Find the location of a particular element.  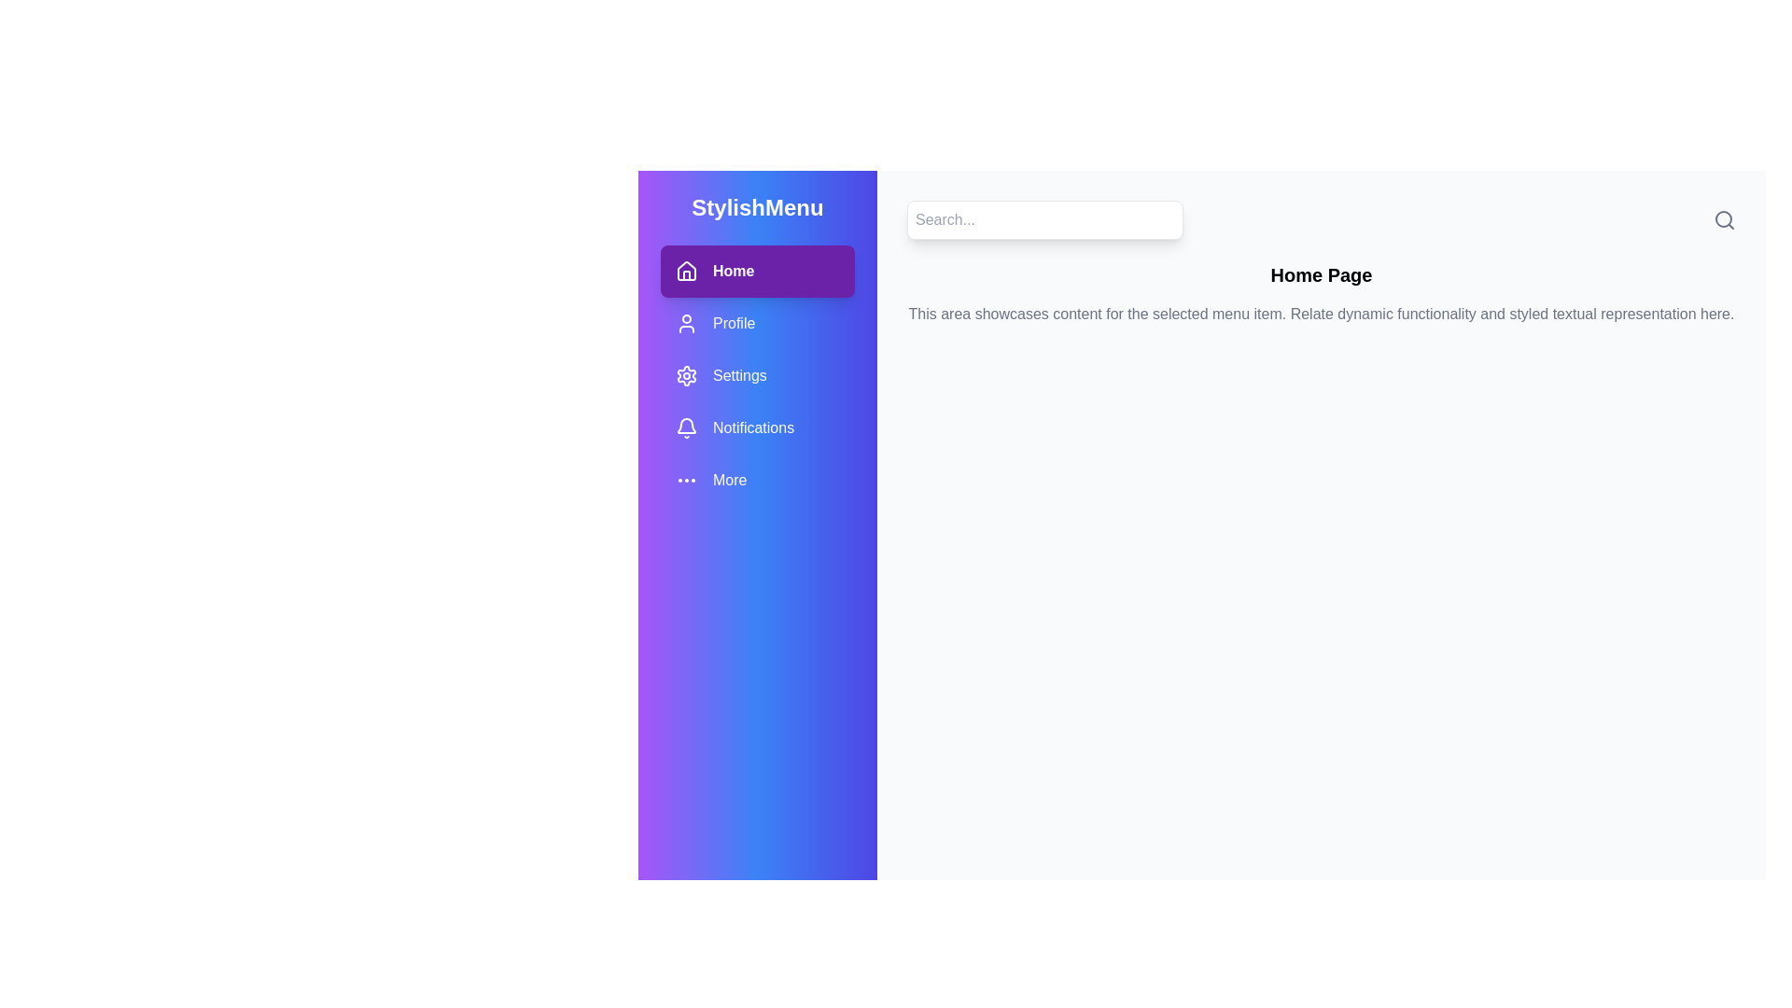

the menu item Home is located at coordinates (757, 271).